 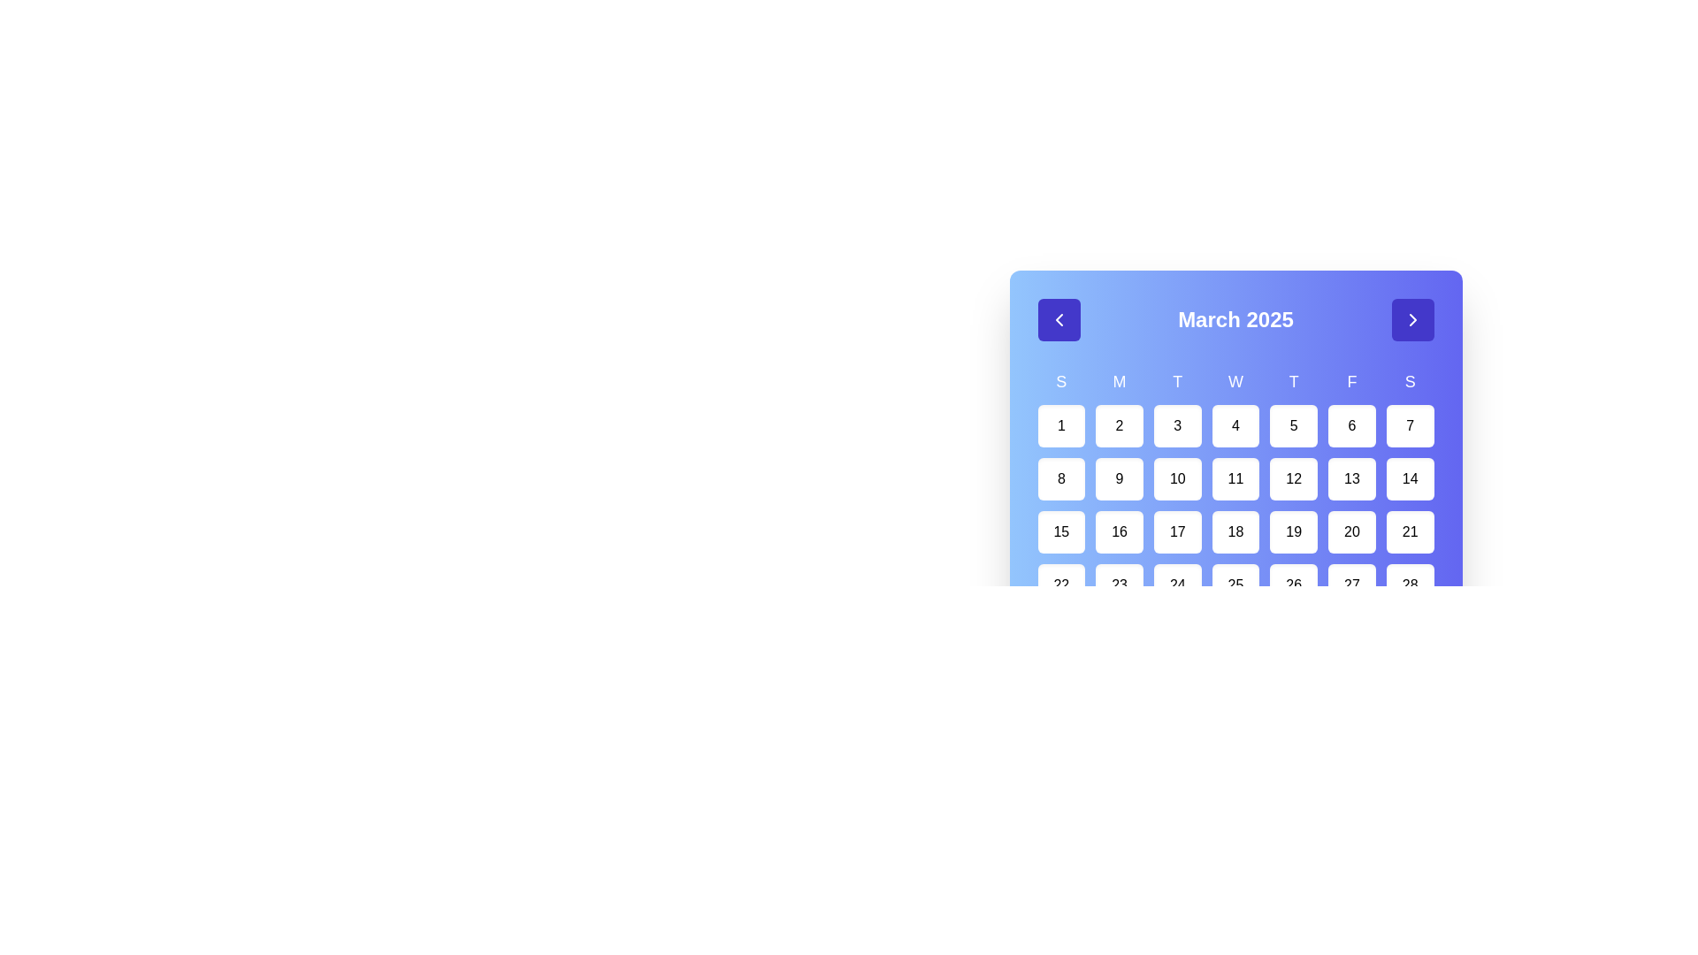 I want to click on the rounded rectangle button with a white background and the text '17' in bold black, located in the third column of the third row under the 'T' column header, so click(x=1177, y=531).